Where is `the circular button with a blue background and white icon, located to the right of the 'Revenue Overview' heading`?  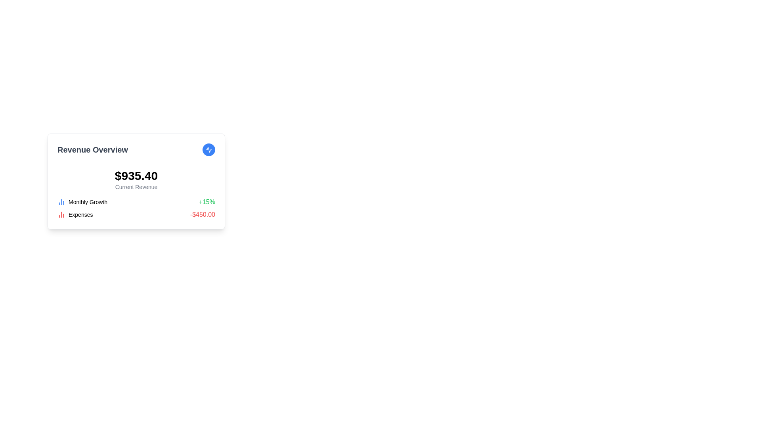
the circular button with a blue background and white icon, located to the right of the 'Revenue Overview' heading is located at coordinates (209, 150).